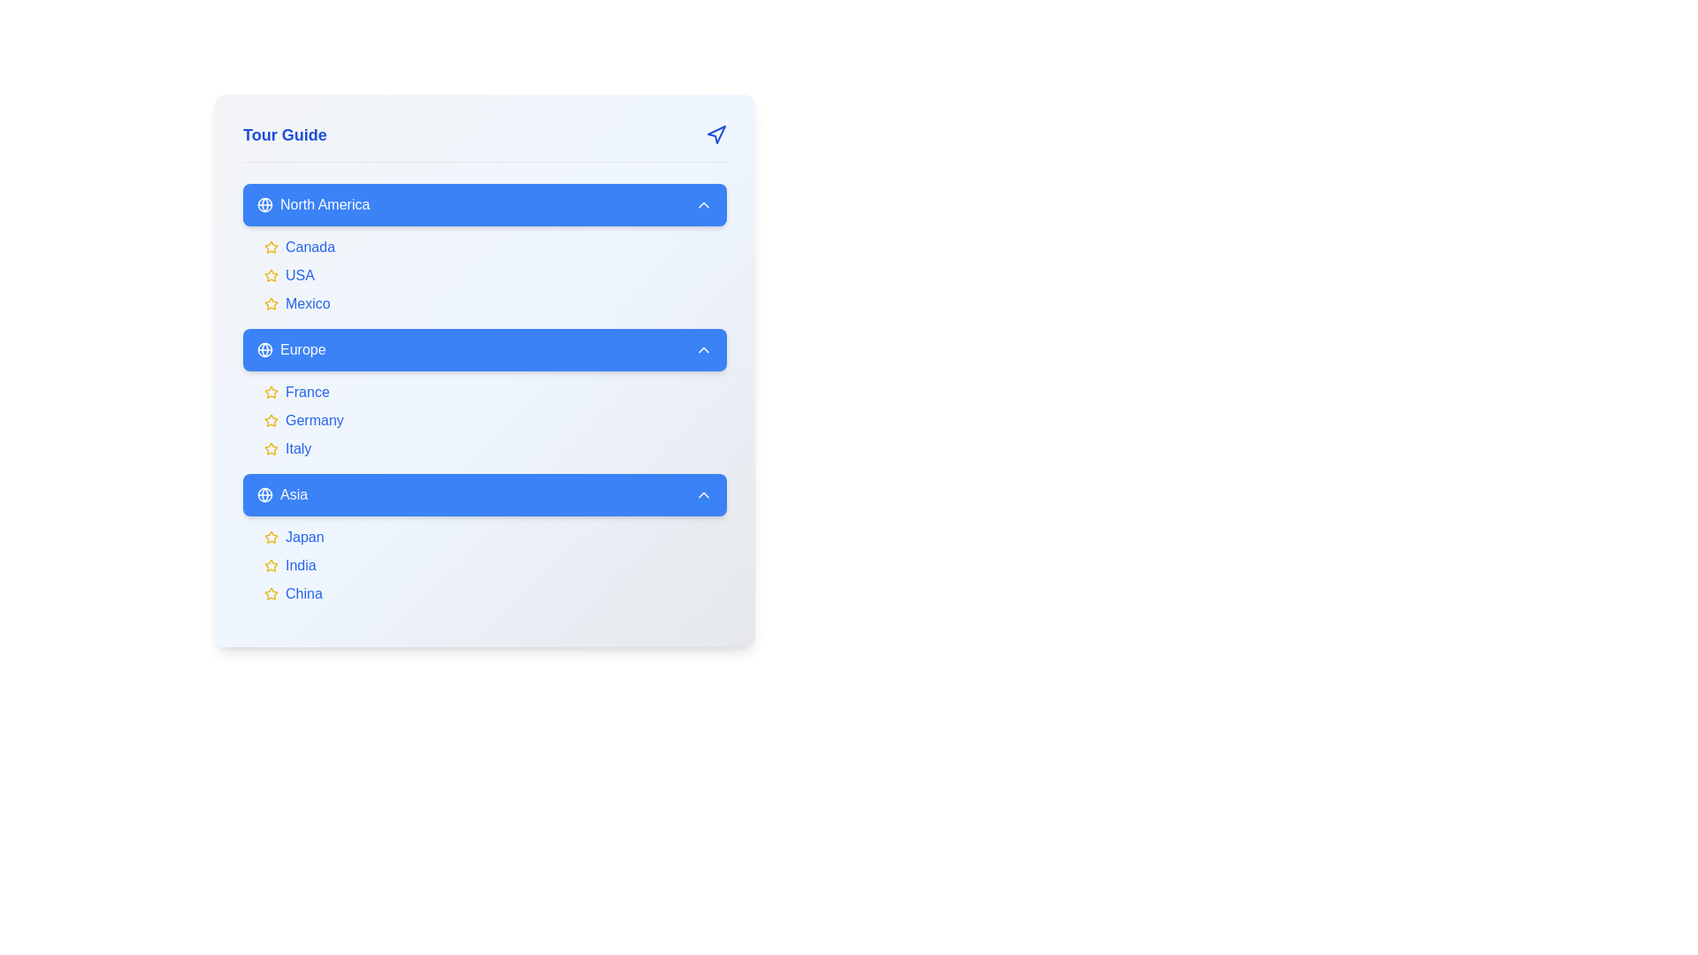 This screenshot has width=1698, height=955. What do you see at coordinates (314, 420) in the screenshot?
I see `the hyperlink for Germany, which is the second item in the 'Europe' section` at bounding box center [314, 420].